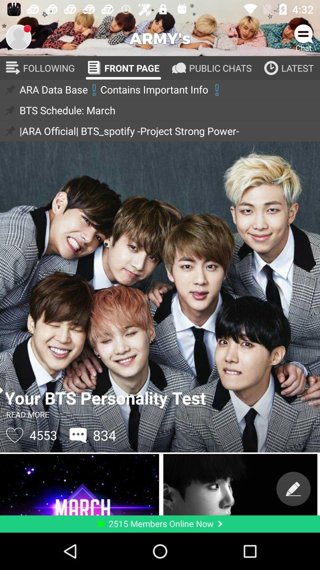  What do you see at coordinates (18, 37) in the screenshot?
I see `choose the selection` at bounding box center [18, 37].